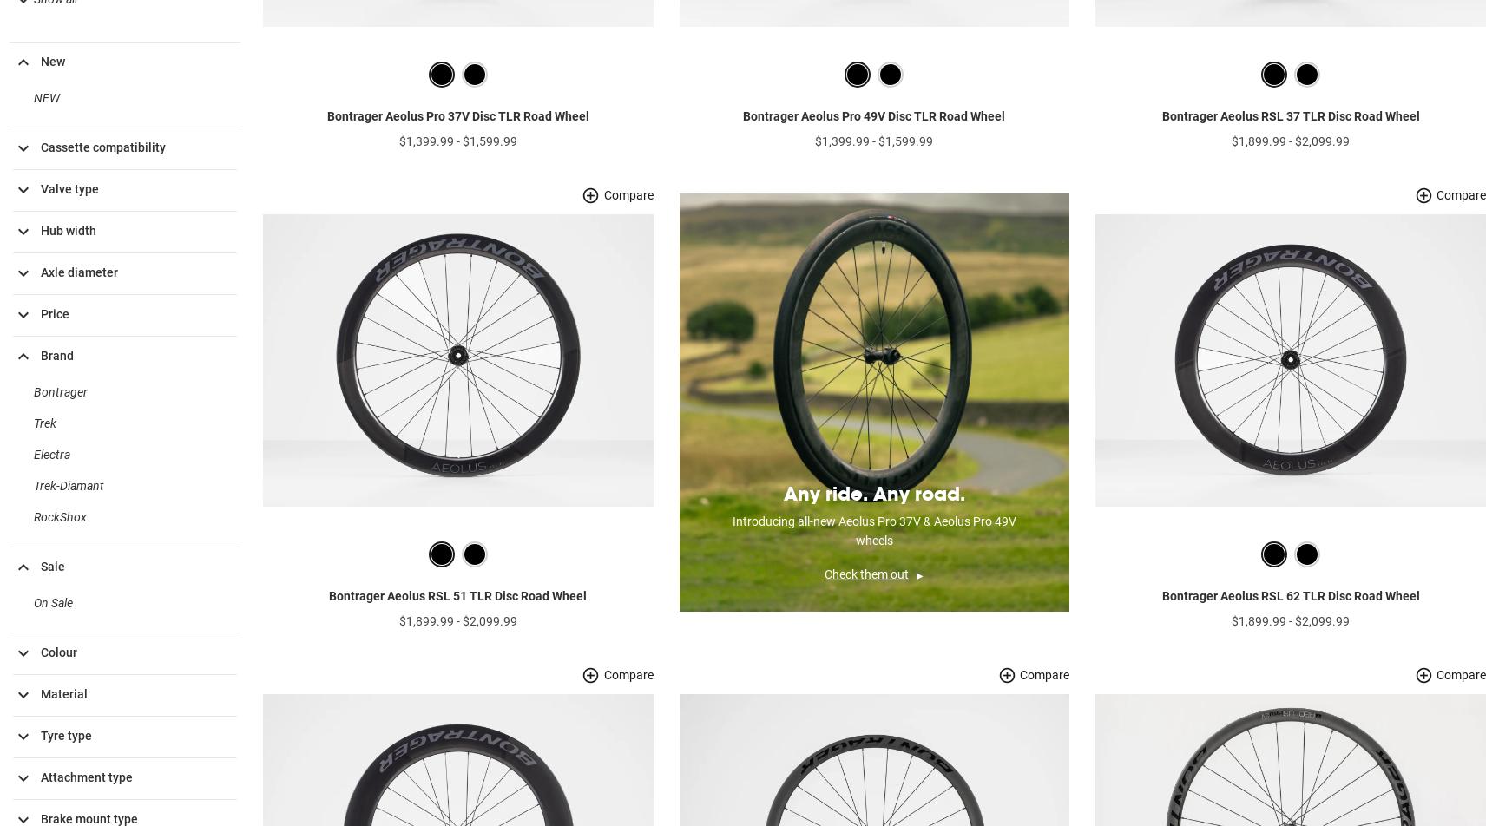 Image resolution: width=1499 pixels, height=826 pixels. What do you see at coordinates (51, 482) in the screenshot?
I see `'Electra'` at bounding box center [51, 482].